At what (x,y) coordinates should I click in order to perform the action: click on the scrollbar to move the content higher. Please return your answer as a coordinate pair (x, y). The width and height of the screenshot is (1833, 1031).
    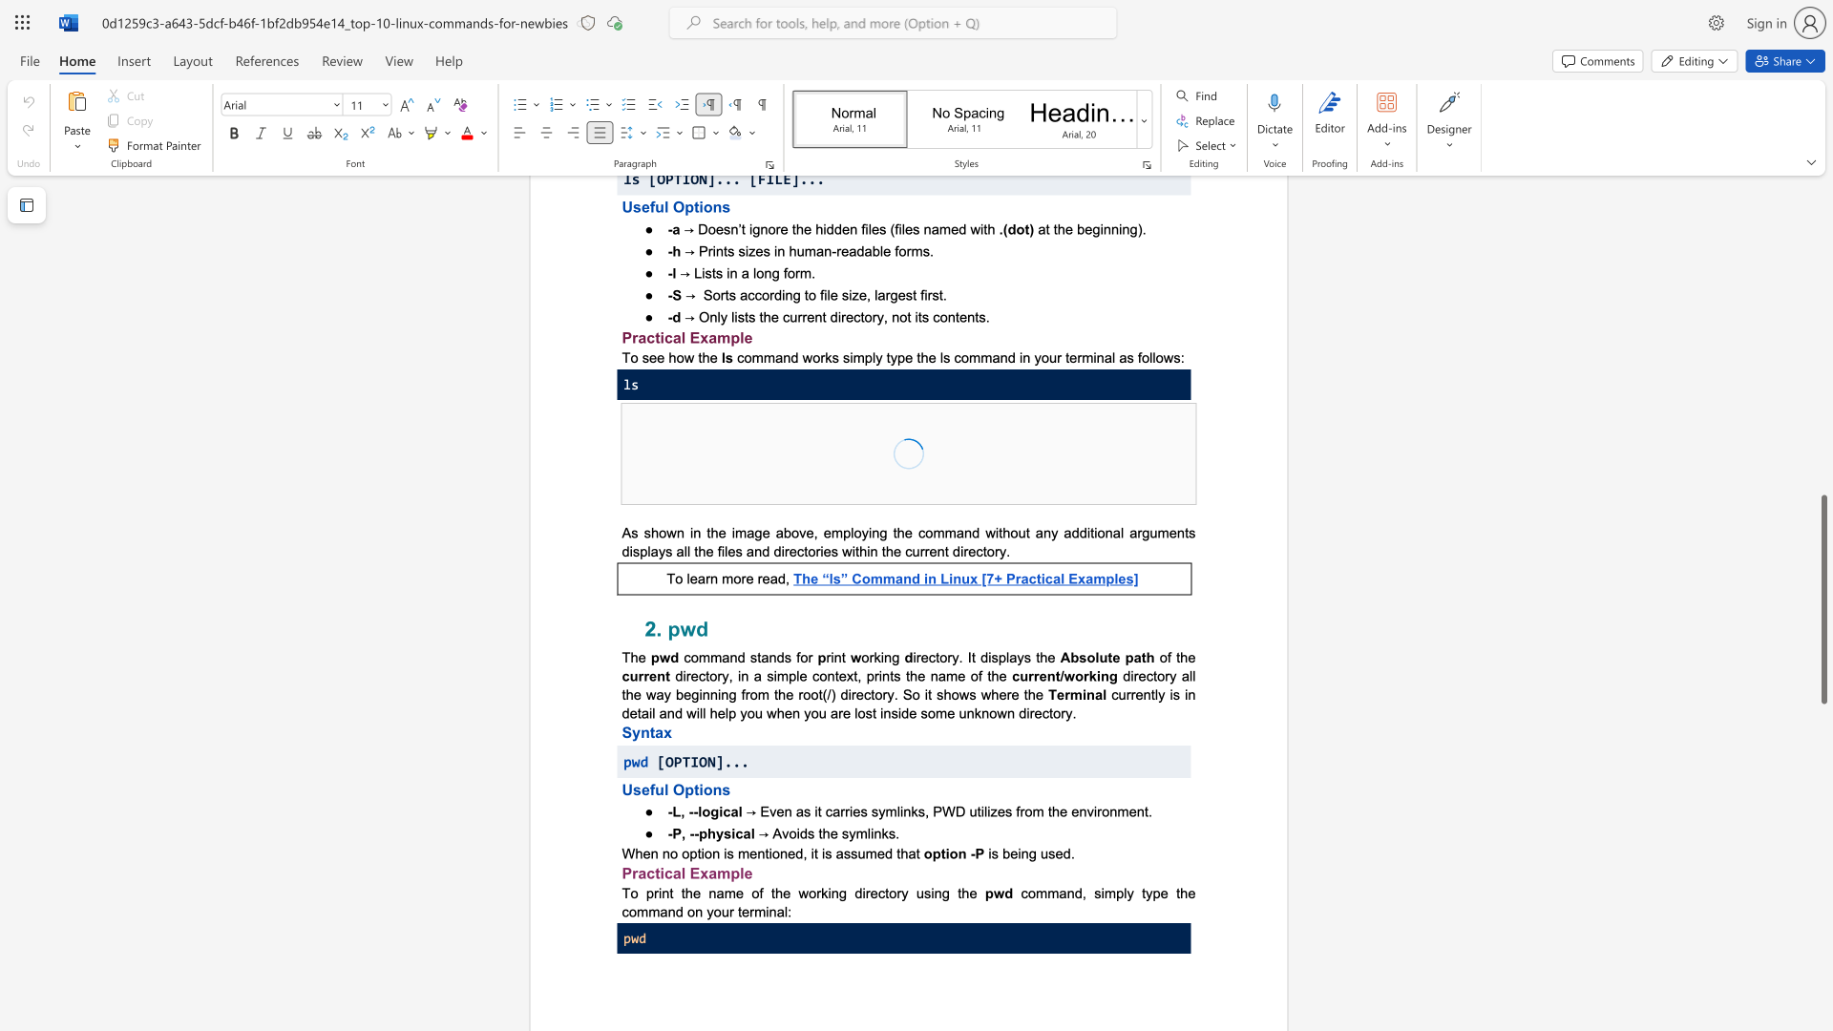
    Looking at the image, I should click on (1822, 572).